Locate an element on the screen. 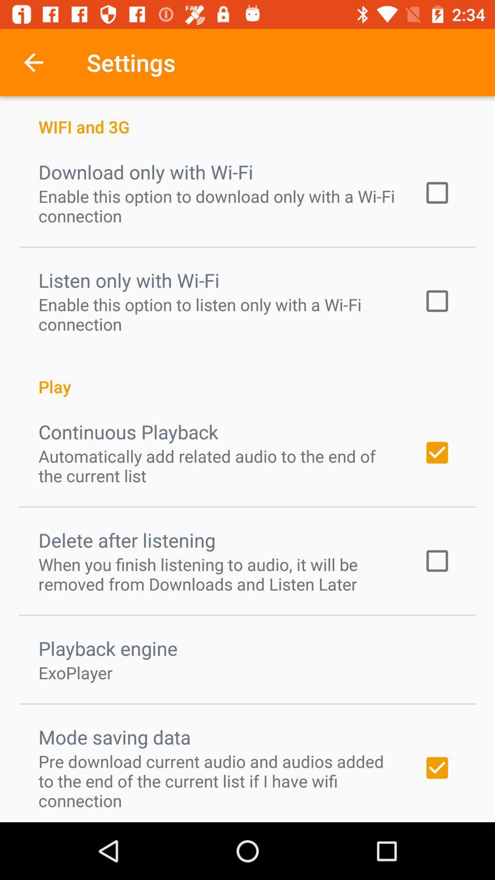 This screenshot has height=880, width=495. the item below exoplayer item is located at coordinates (114, 737).